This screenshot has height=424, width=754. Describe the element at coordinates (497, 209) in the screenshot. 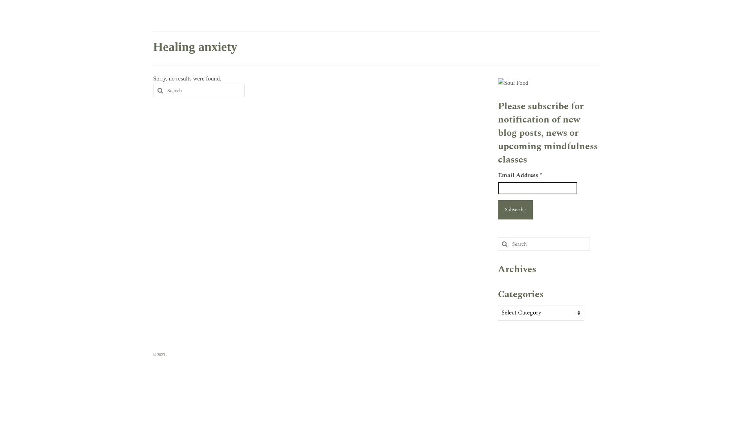

I see `'Subscribe'` at that location.